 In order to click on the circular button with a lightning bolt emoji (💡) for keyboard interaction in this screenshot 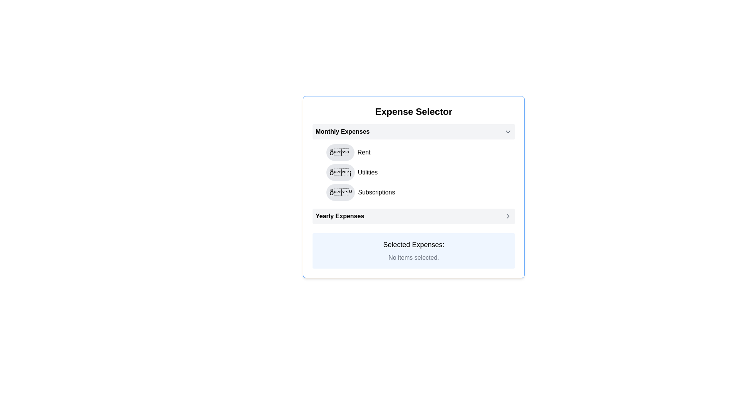, I will do `click(340, 172)`.